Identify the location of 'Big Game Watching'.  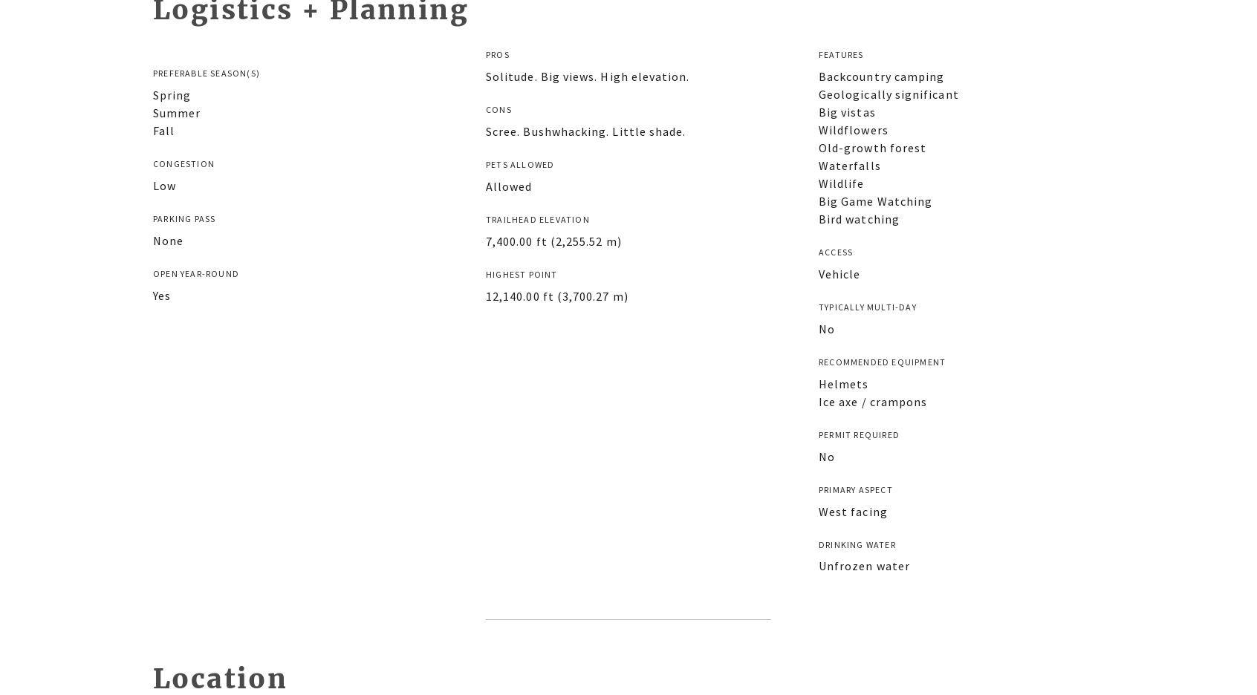
(874, 200).